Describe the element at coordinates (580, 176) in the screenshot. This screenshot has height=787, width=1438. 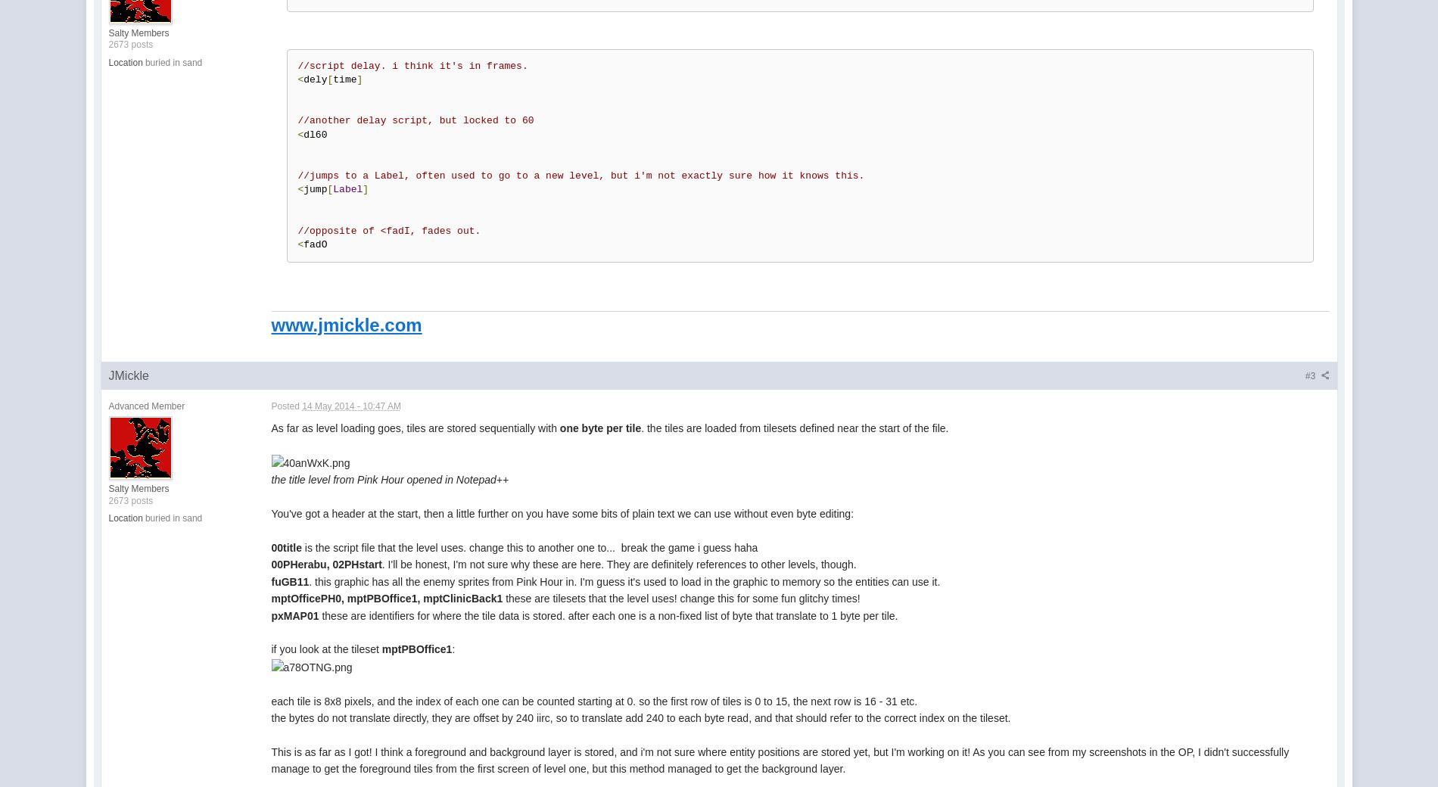
I see `'//jumps to a Label, often used to go to a new level, but i'm not exactly sure how it knows this.'` at that location.